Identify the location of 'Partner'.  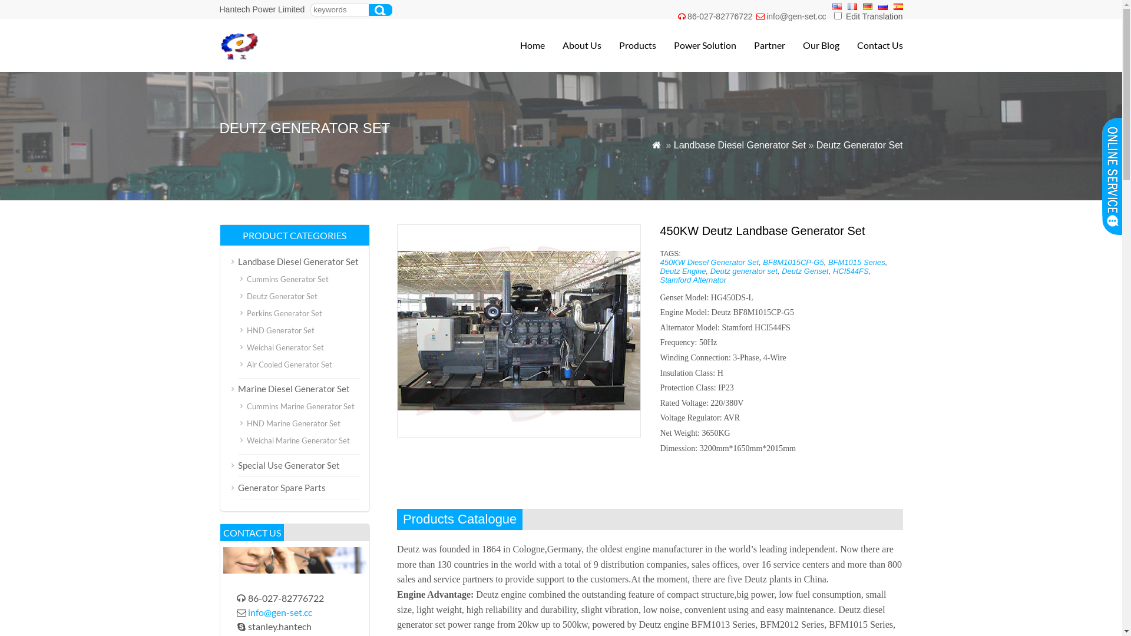
(760, 45).